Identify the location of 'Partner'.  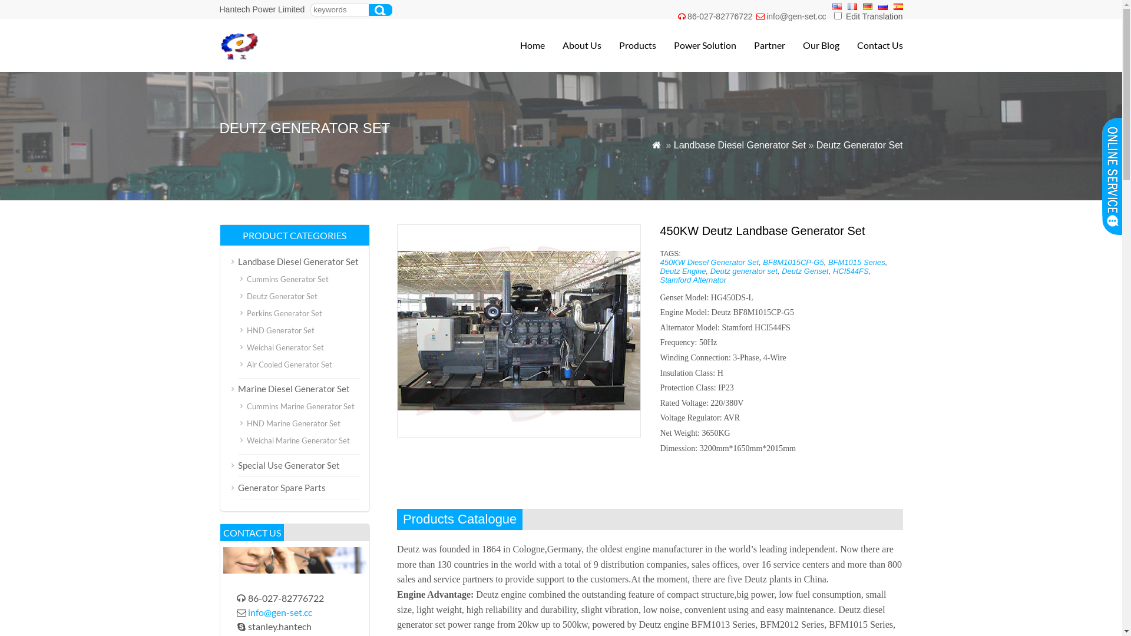
(760, 45).